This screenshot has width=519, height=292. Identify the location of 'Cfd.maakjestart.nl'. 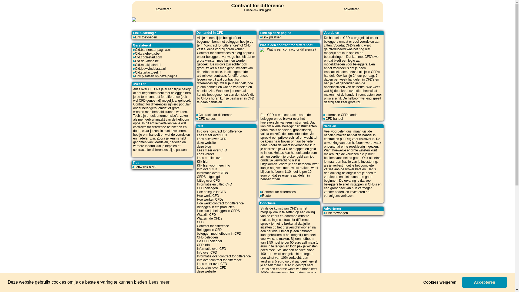
(148, 64).